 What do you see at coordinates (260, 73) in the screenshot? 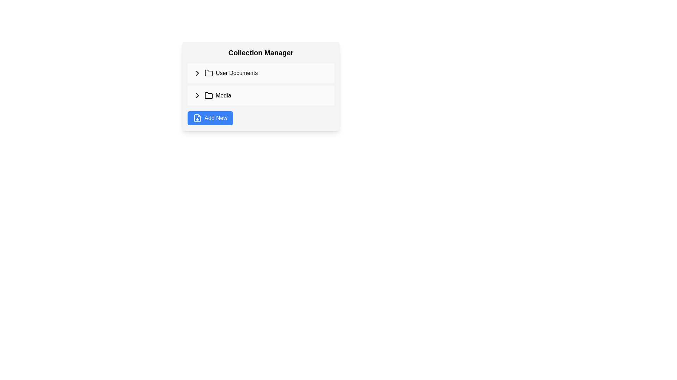
I see `the first entry in the vertical list under 'Collection Manager'` at bounding box center [260, 73].